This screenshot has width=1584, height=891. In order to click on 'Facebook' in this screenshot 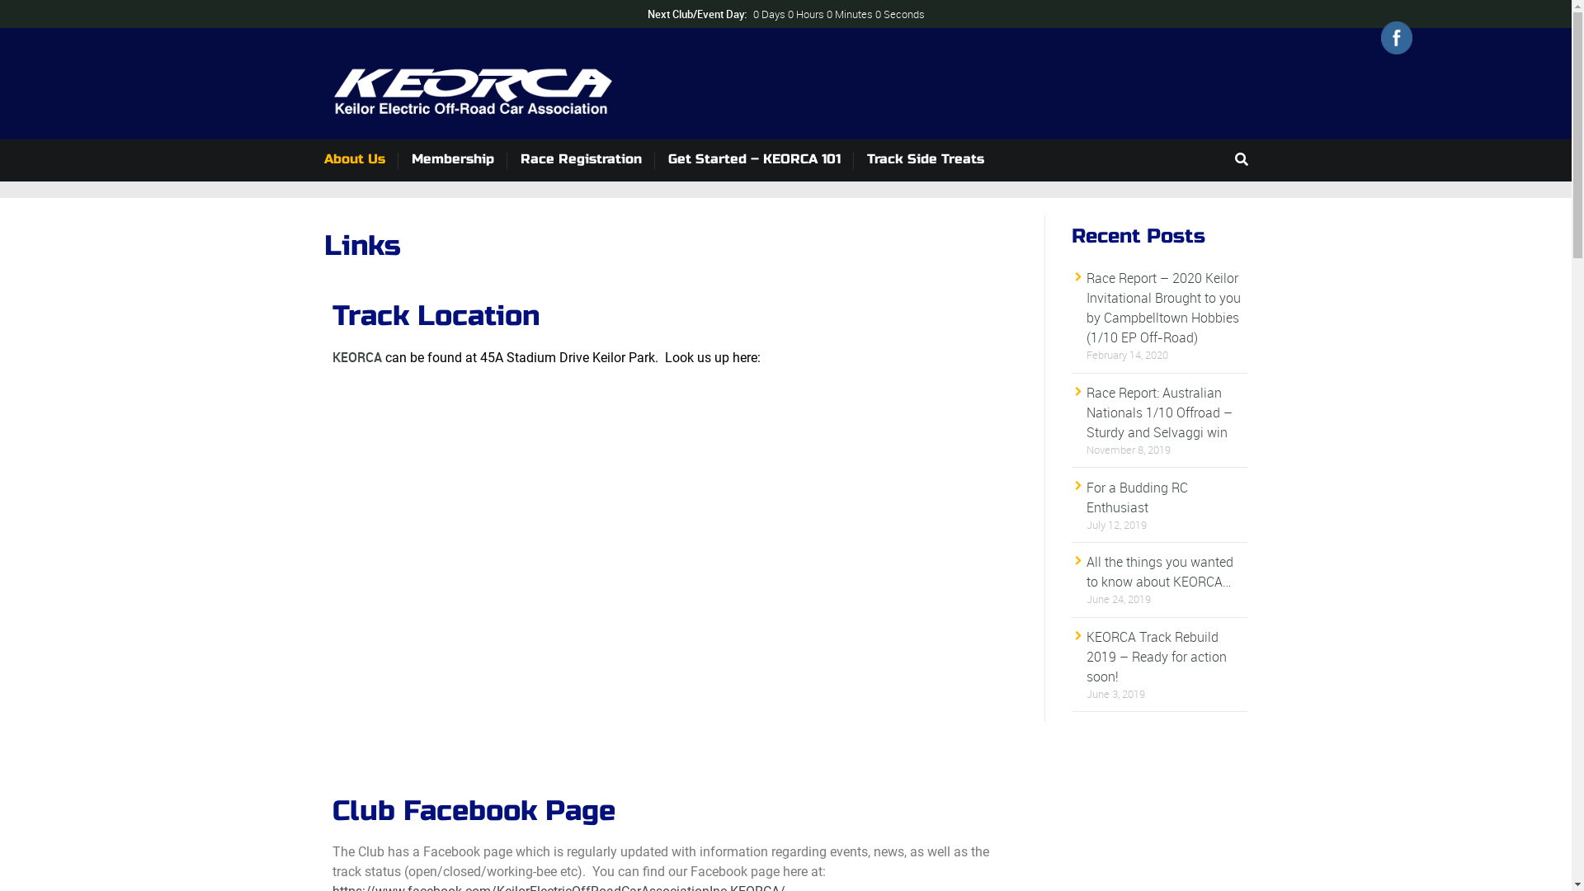, I will do `click(1396, 37)`.